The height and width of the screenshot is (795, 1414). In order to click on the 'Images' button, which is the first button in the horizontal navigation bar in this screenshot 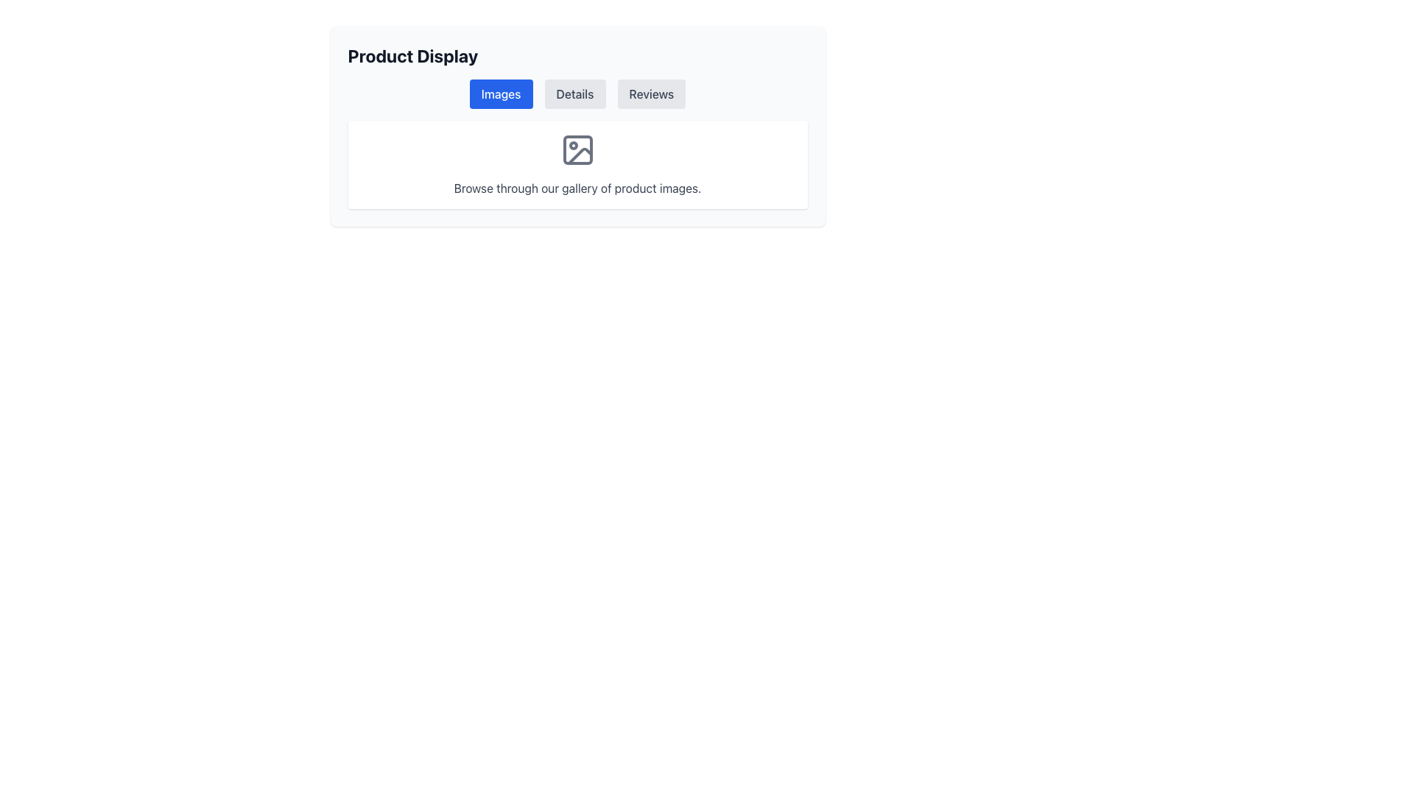, I will do `click(501, 93)`.